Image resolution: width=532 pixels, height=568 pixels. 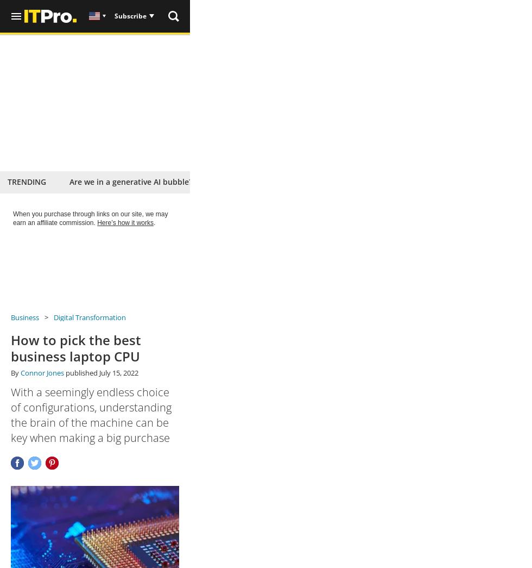 What do you see at coordinates (89, 317) in the screenshot?
I see `'Digital Transformation'` at bounding box center [89, 317].